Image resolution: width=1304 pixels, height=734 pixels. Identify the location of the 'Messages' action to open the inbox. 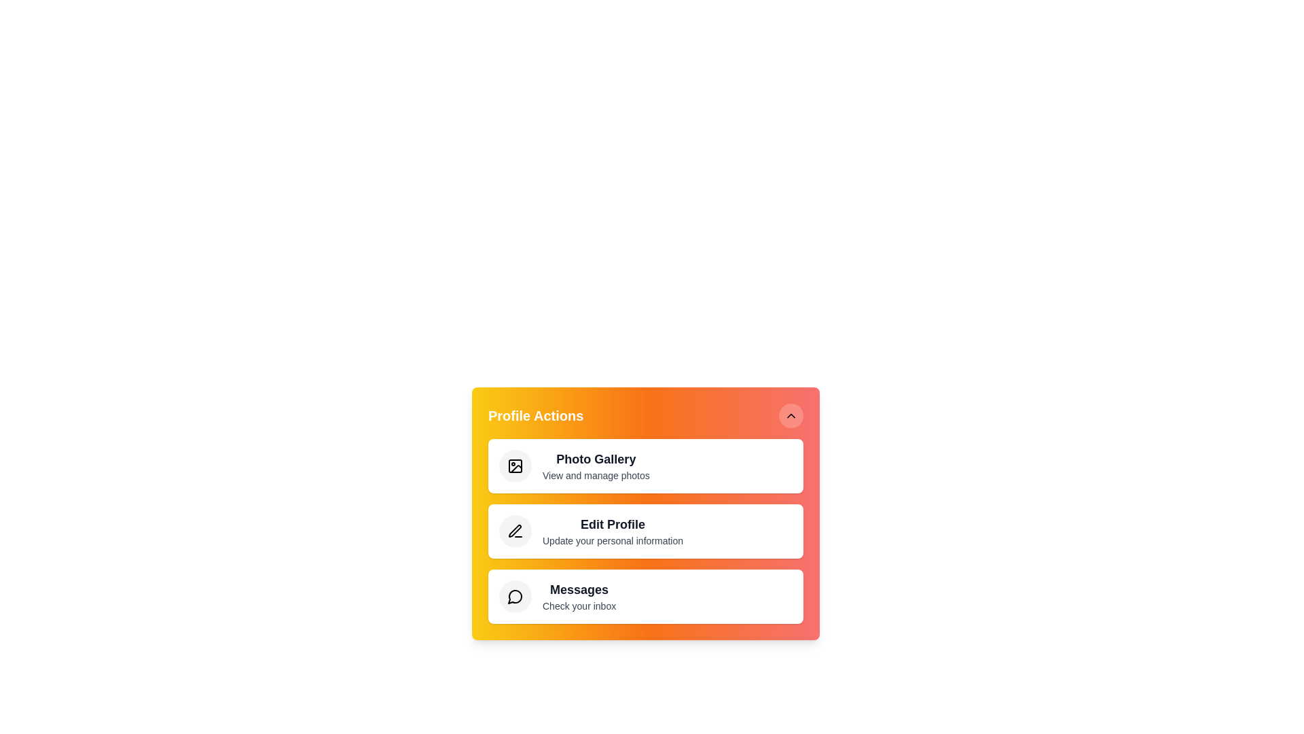
(645, 596).